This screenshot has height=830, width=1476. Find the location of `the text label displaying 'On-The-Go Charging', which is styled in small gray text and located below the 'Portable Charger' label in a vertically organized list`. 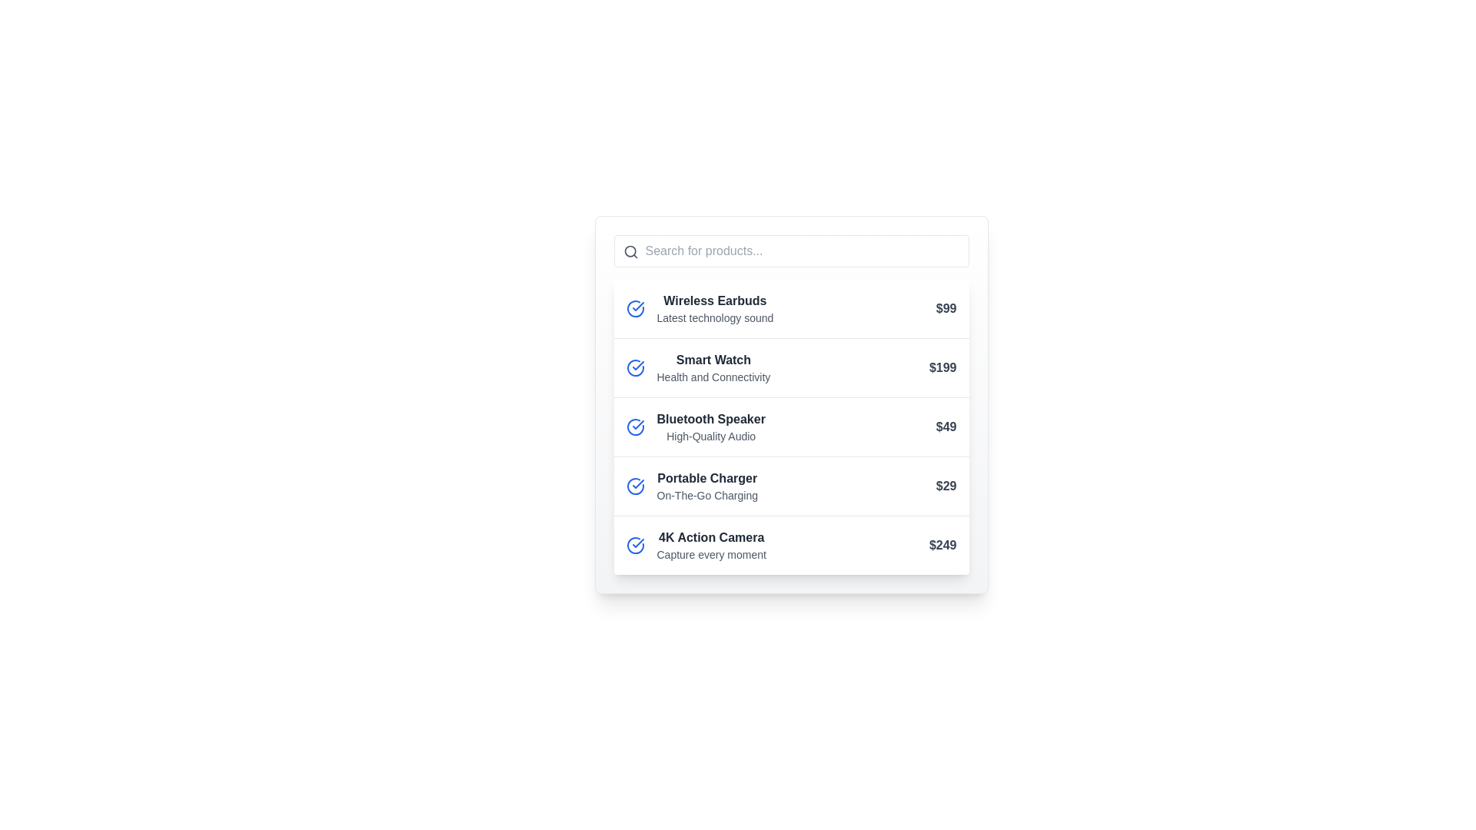

the text label displaying 'On-The-Go Charging', which is styled in small gray text and located below the 'Portable Charger' label in a vertically organized list is located at coordinates (706, 495).